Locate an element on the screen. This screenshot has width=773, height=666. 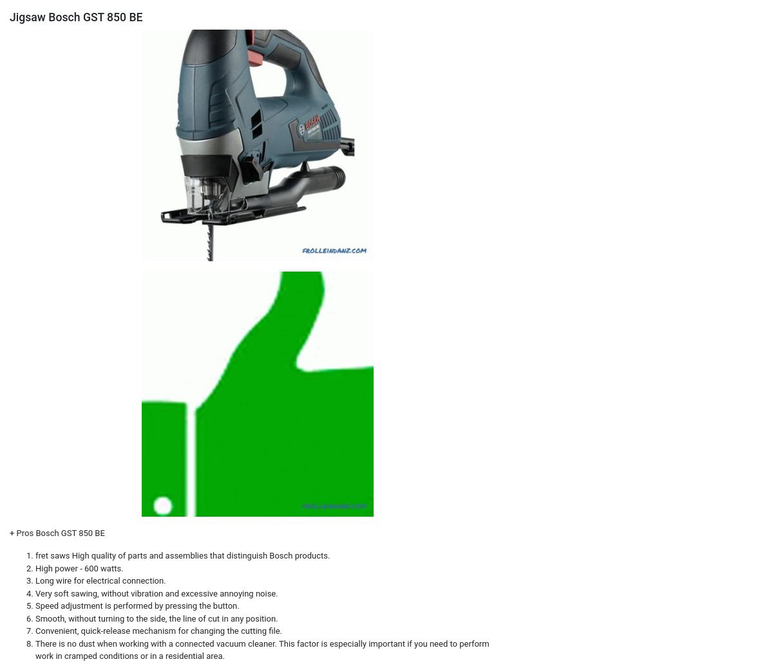
'fret saws High quality of parts and assemblies that distinguish Bosch products.' is located at coordinates (182, 555).